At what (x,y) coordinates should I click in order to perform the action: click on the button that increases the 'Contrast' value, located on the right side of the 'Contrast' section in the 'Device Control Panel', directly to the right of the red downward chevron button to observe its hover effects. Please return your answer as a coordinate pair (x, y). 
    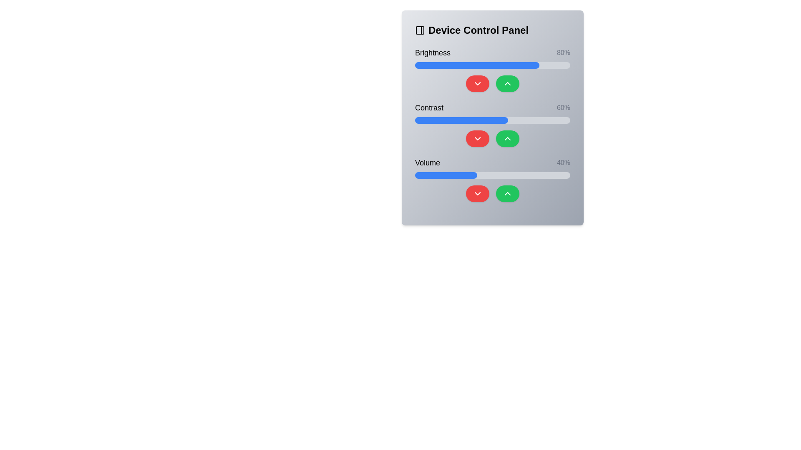
    Looking at the image, I should click on (507, 138).